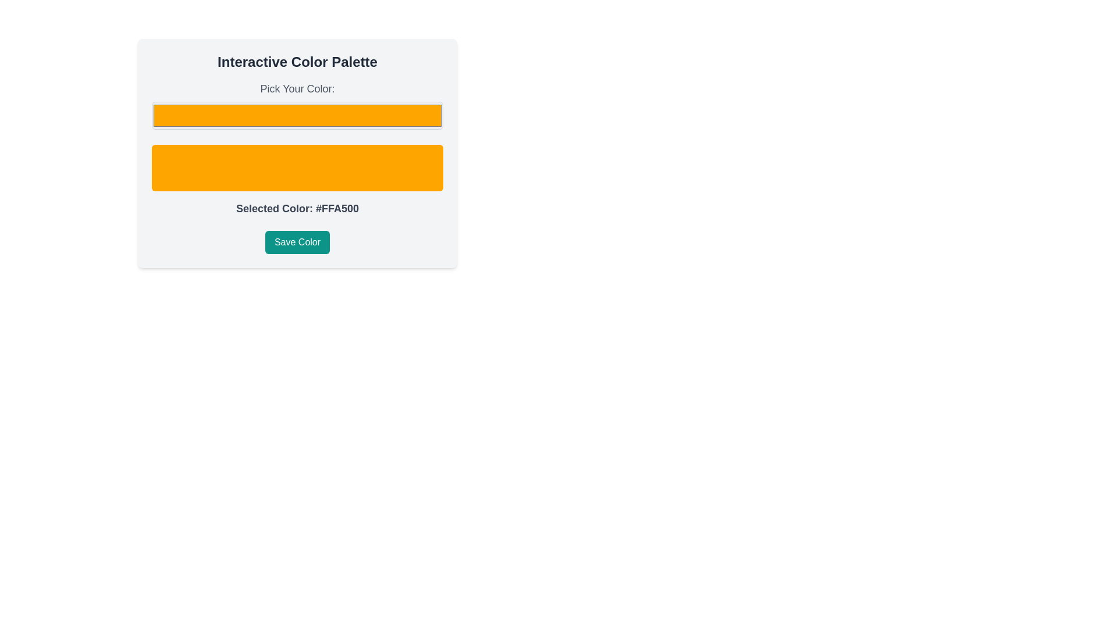 Image resolution: width=1117 pixels, height=628 pixels. Describe the element at coordinates (297, 241) in the screenshot. I see `the 'Save Color' button, which is a rectangular button with rounded corners, teal background, and white text, located below the text 'Selected Color: #FFA500'` at that location.